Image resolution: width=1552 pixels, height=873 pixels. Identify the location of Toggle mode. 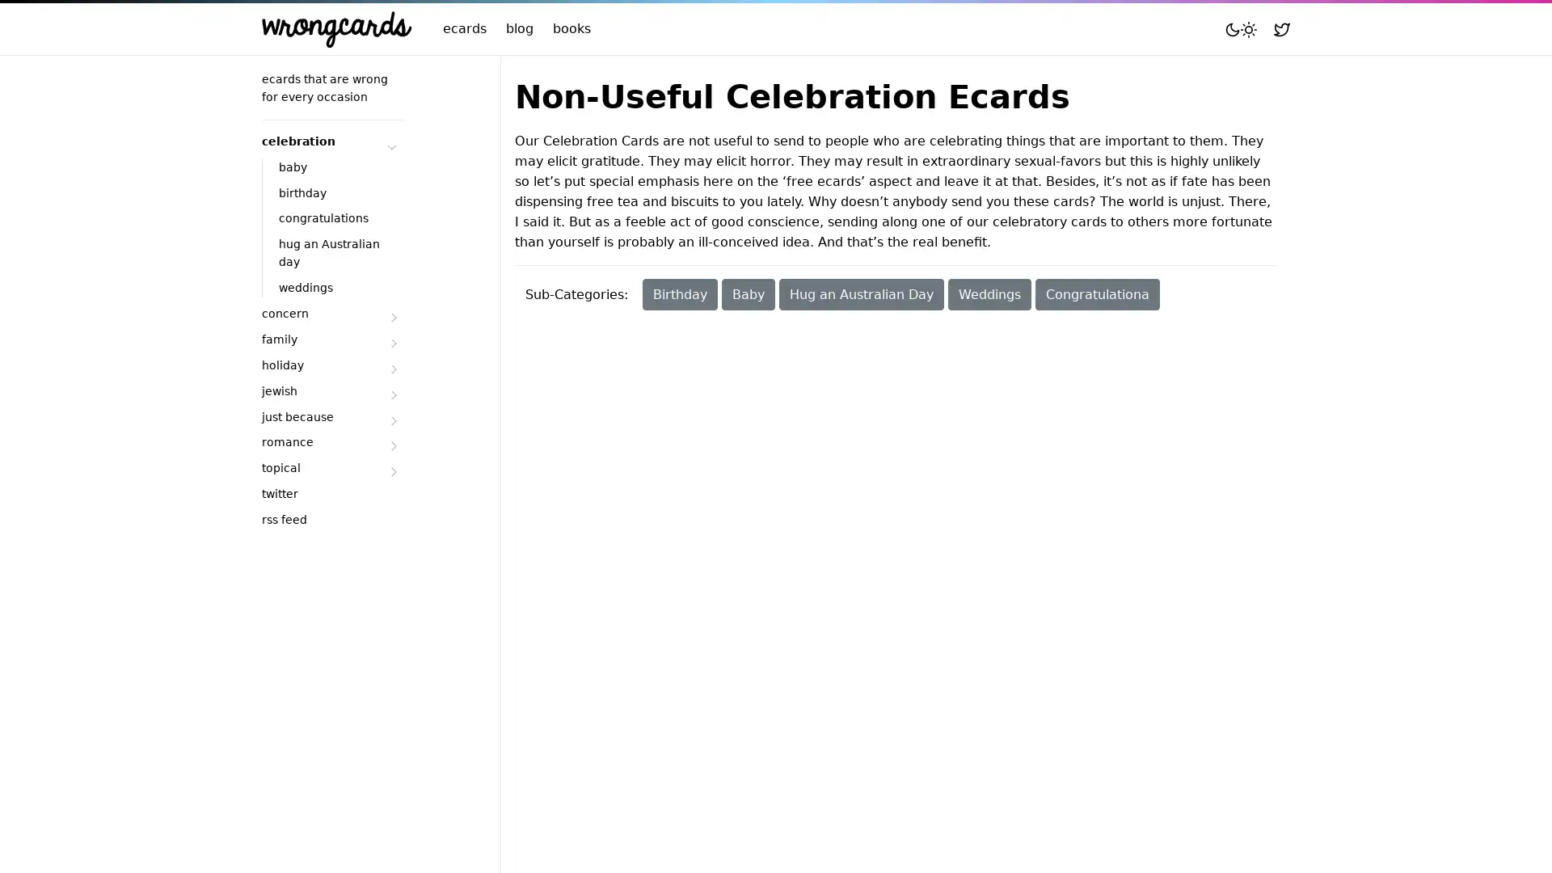
(1240, 28).